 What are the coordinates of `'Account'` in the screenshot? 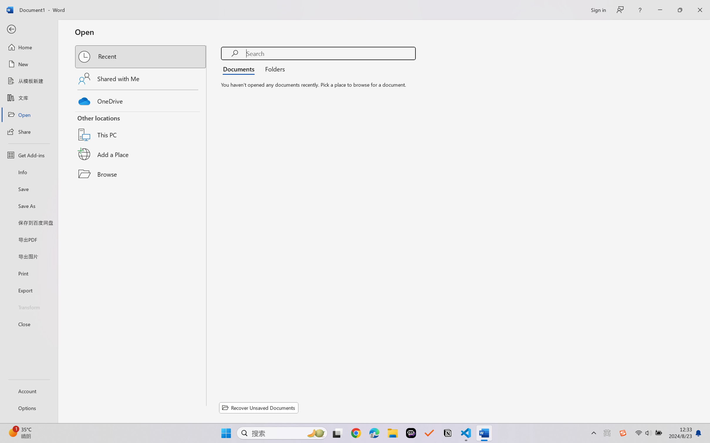 It's located at (28, 391).